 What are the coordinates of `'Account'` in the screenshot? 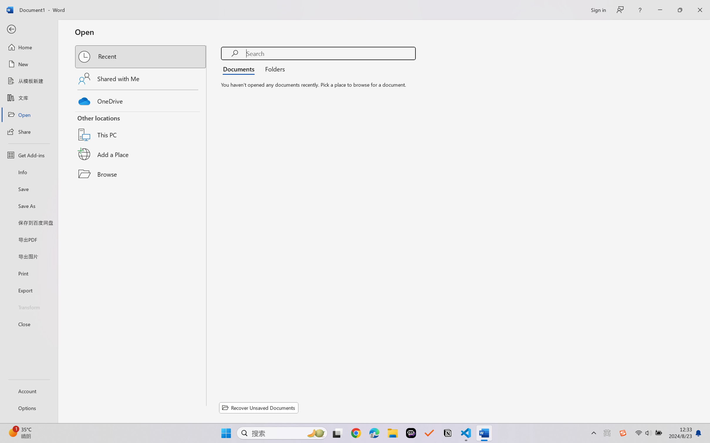 It's located at (28, 391).